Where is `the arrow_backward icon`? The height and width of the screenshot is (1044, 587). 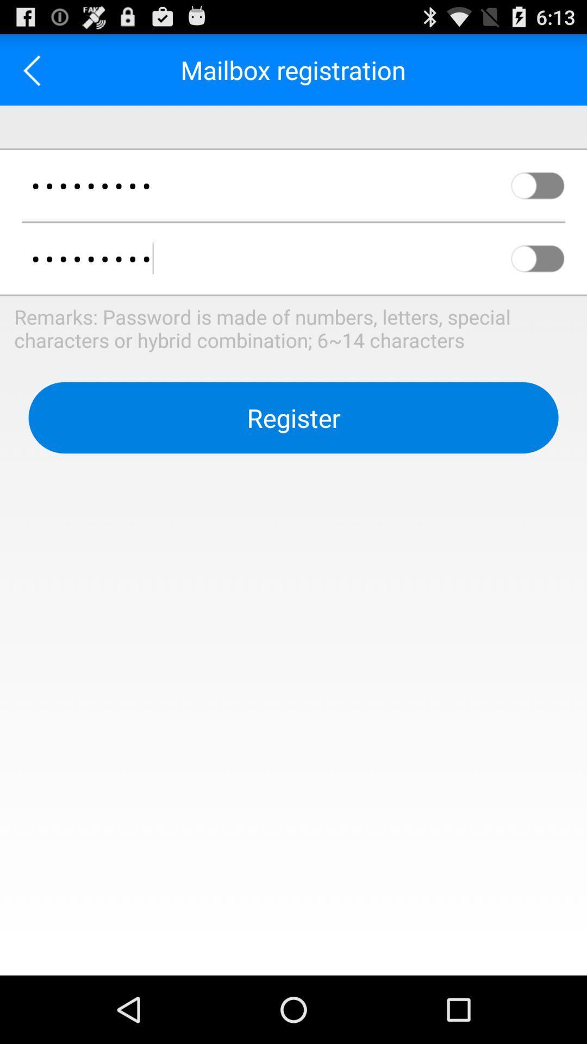 the arrow_backward icon is located at coordinates (35, 74).